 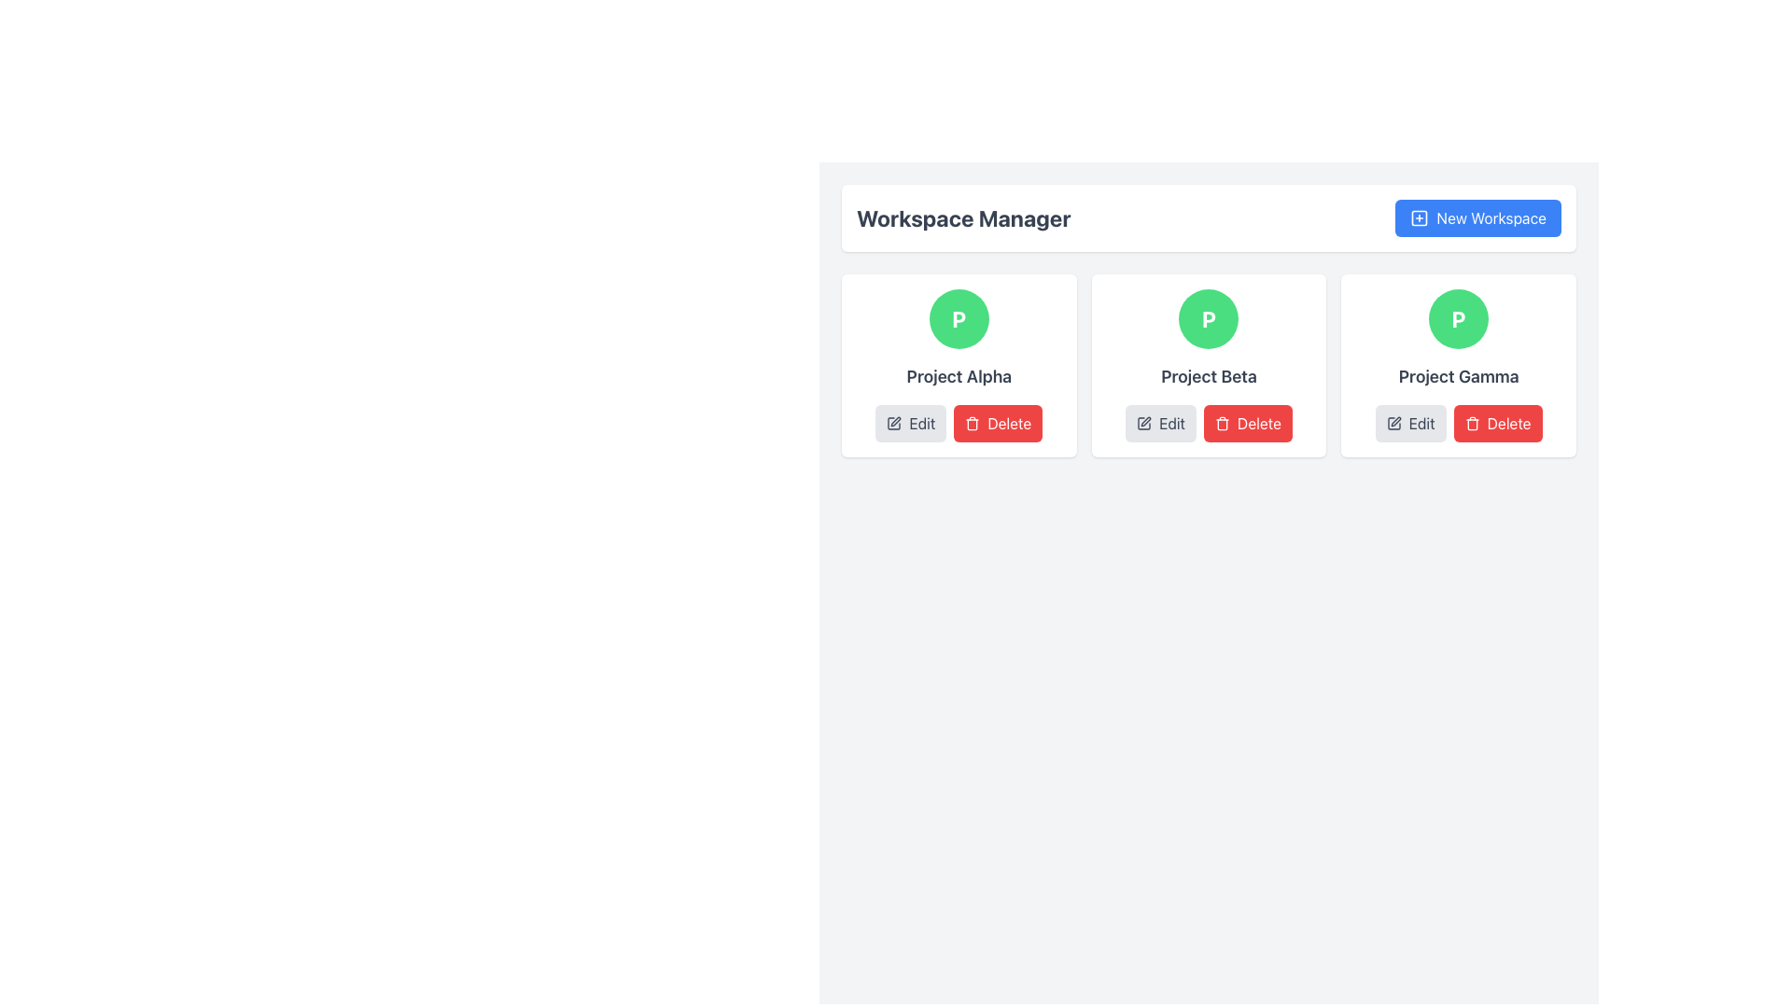 I want to click on the 'Delete' button in the Two-button group located in the lower-right corner of the 'Project Gamma' card, characterized by its red background and white text, so click(x=1458, y=424).